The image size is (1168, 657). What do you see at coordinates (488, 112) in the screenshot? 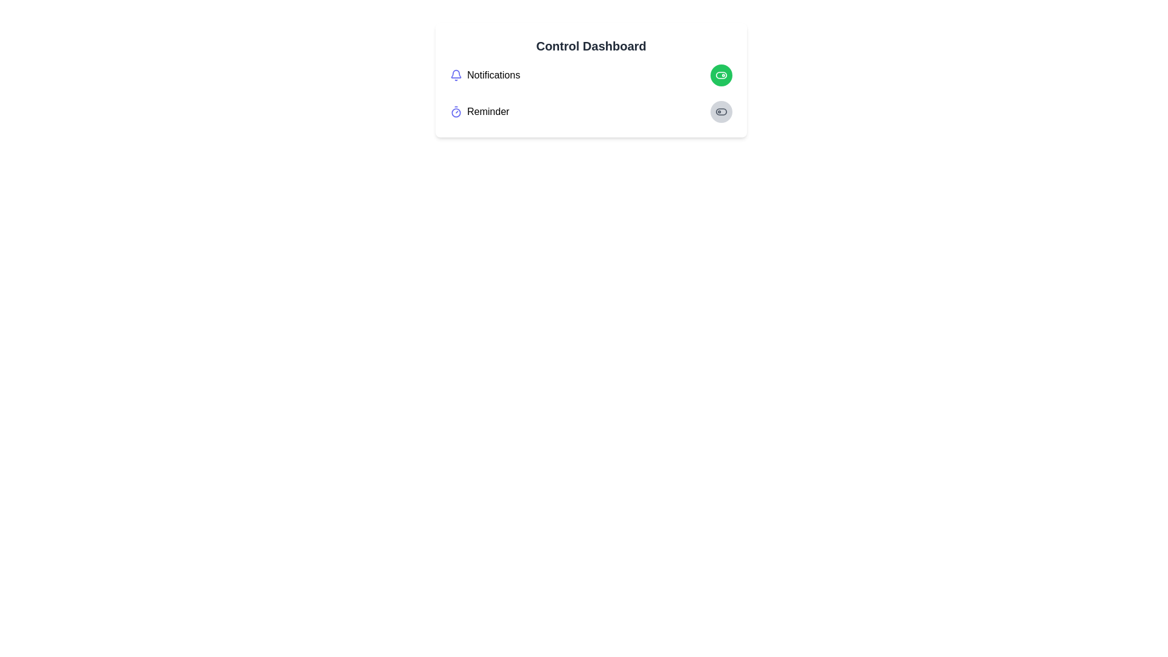
I see `the text label that indicates functionality or a category related to reminders, located to the right of the timer icon` at bounding box center [488, 112].